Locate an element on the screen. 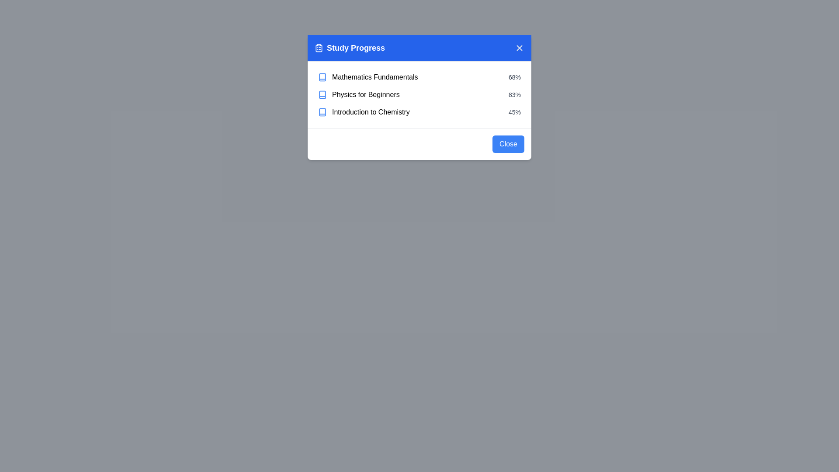 The image size is (839, 472). the book or document icon located in the top left section of the modal interface, which represents the study progress tracker is located at coordinates (322, 112).